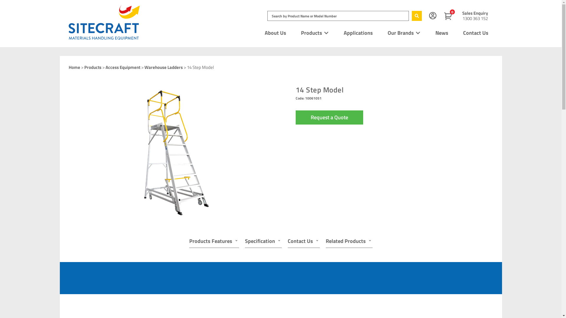 This screenshot has height=318, width=566. What do you see at coordinates (349, 241) in the screenshot?
I see `'Related Products'` at bounding box center [349, 241].